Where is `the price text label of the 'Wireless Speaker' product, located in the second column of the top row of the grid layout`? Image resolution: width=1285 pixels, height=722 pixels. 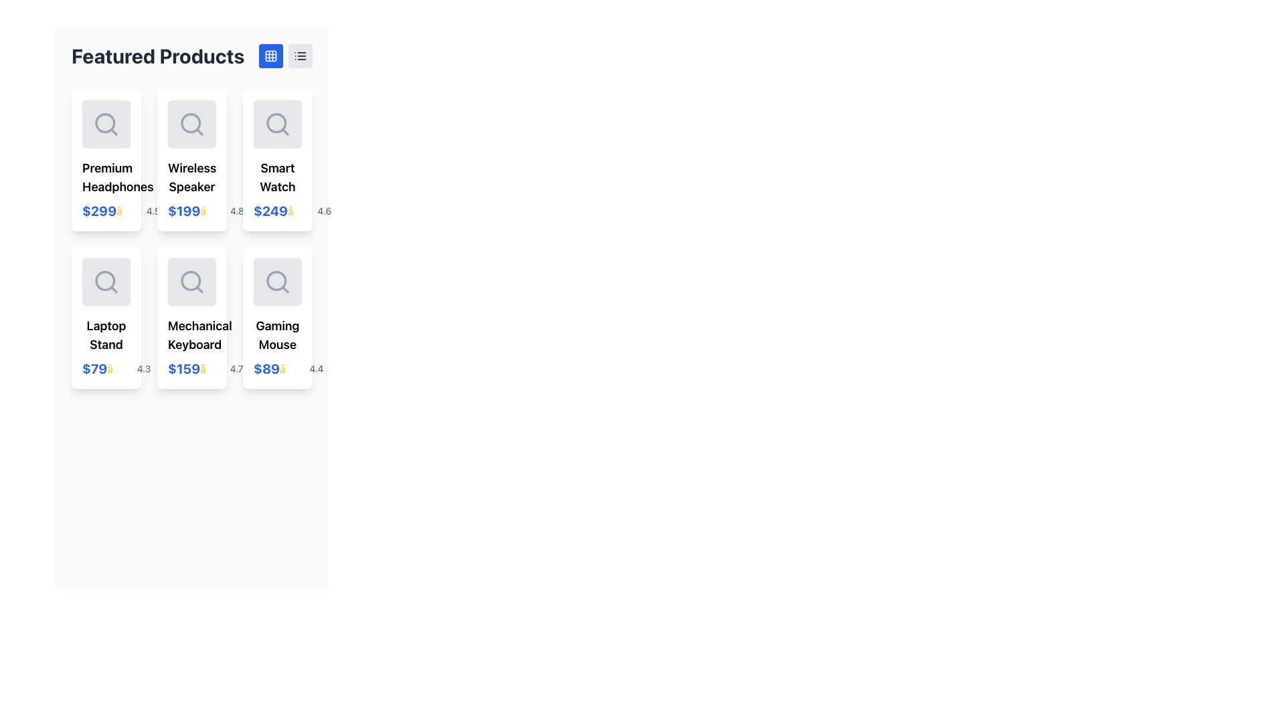
the price text label of the 'Wireless Speaker' product, located in the second column of the top row of the grid layout is located at coordinates (183, 211).